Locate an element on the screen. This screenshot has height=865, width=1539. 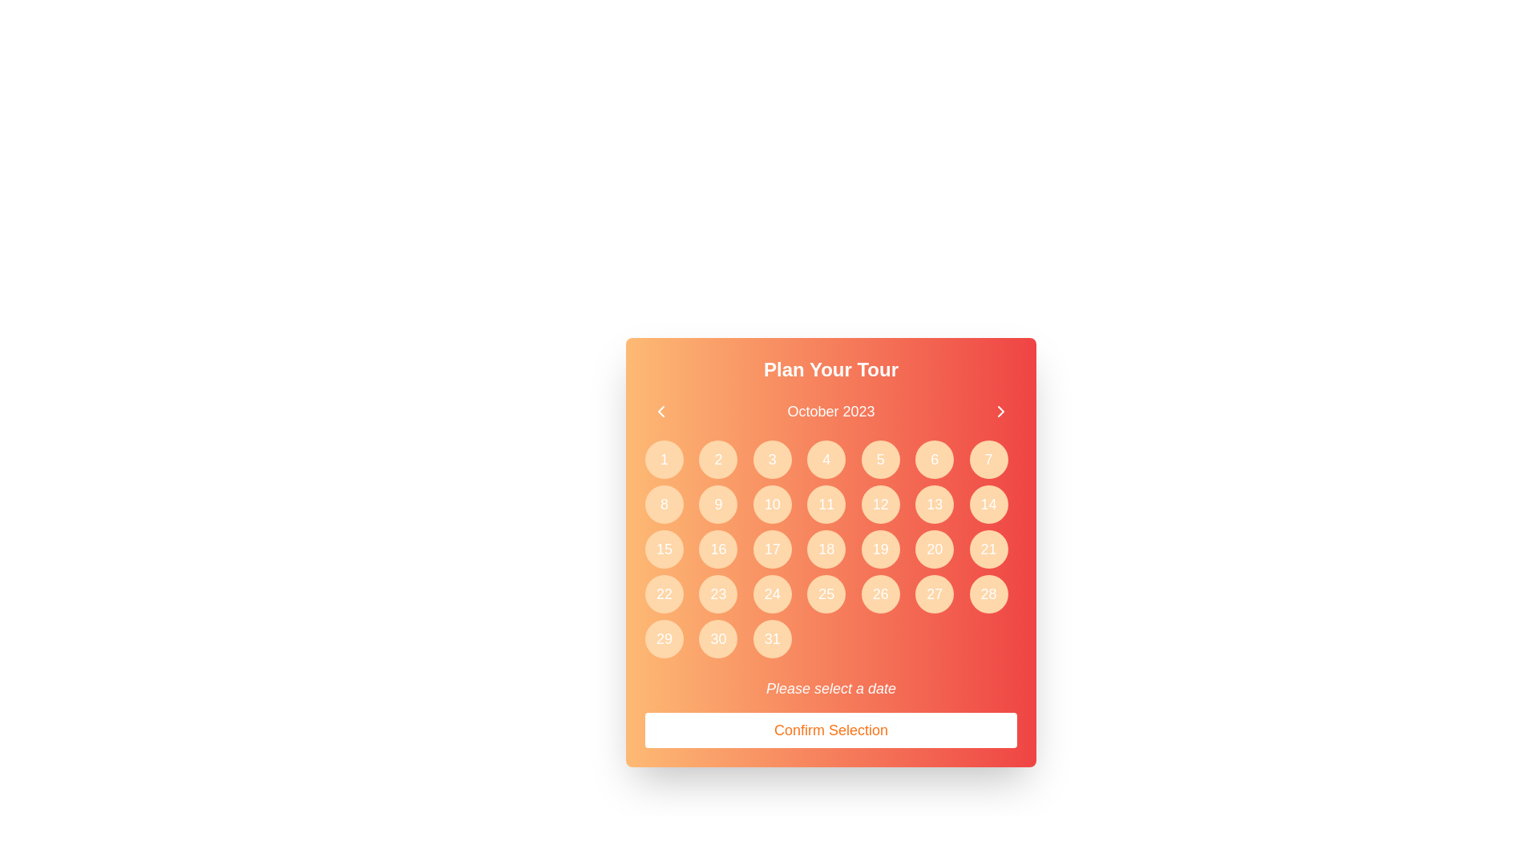
the circular button with a bright orange background and white numerical text '24' is located at coordinates (772, 593).